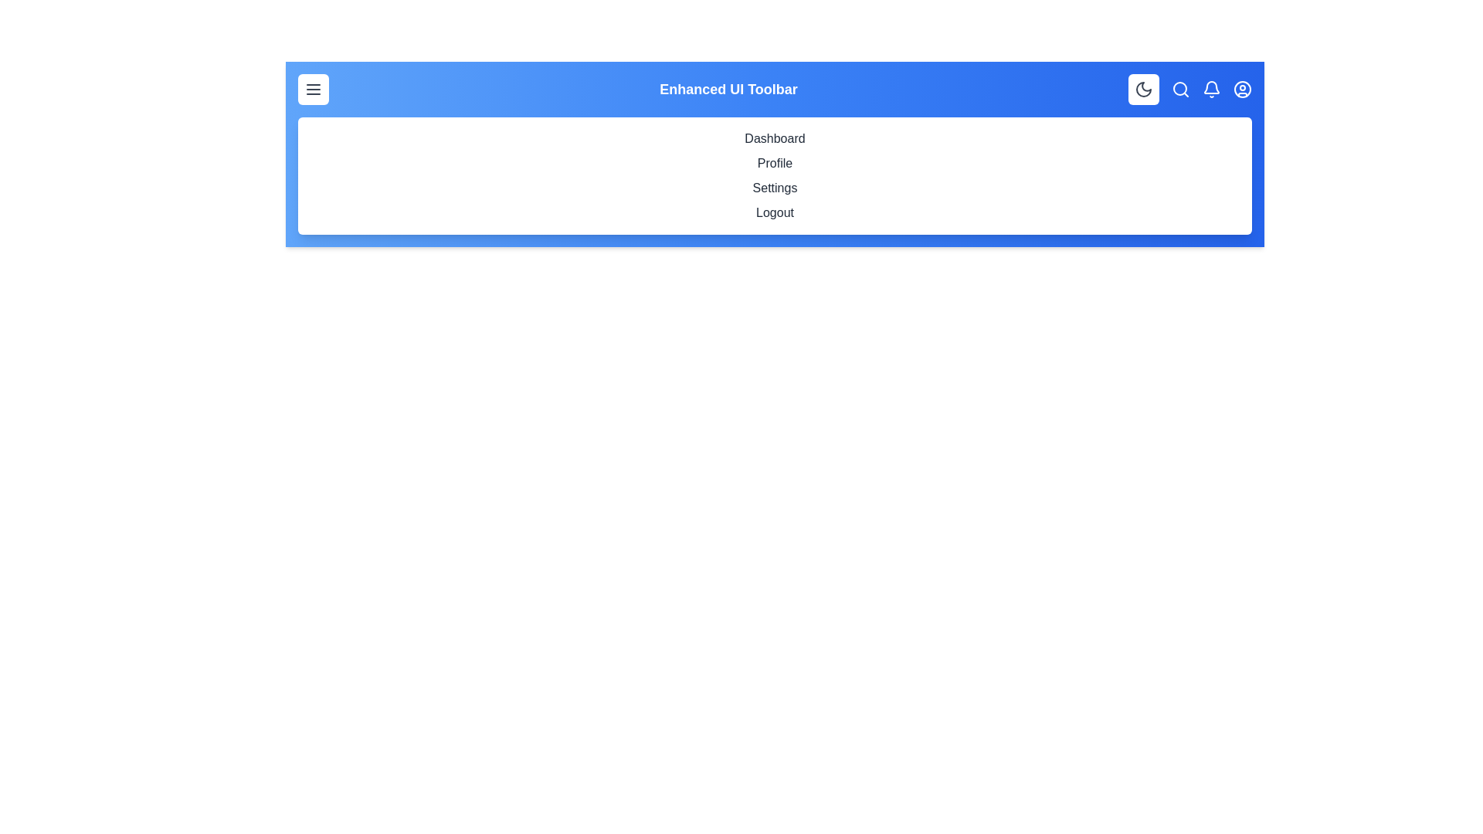 The height and width of the screenshot is (834, 1483). What do you see at coordinates (1180, 89) in the screenshot?
I see `the search icon in the EnhancedAppBar` at bounding box center [1180, 89].